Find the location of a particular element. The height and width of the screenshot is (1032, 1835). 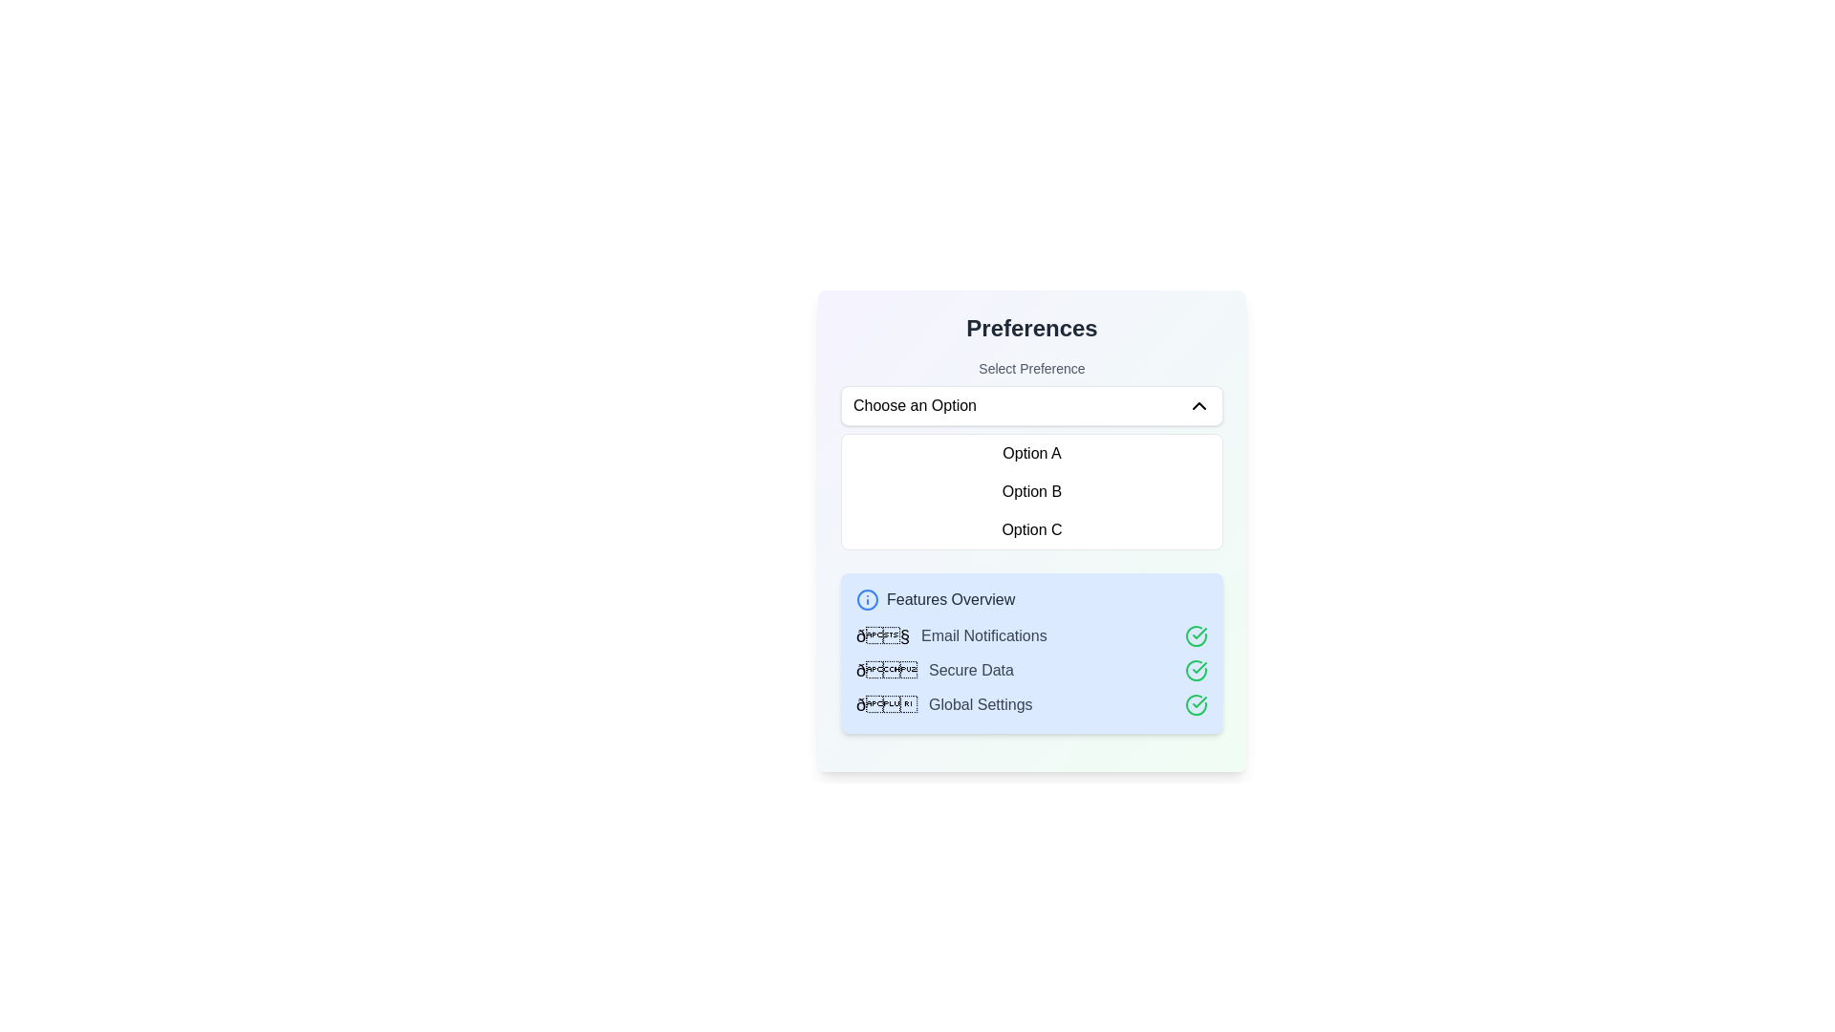

the text label reading 'Features Overview', which is styled with medium font weight and gray color, located to the right of a blue information icon is located at coordinates (951, 599).